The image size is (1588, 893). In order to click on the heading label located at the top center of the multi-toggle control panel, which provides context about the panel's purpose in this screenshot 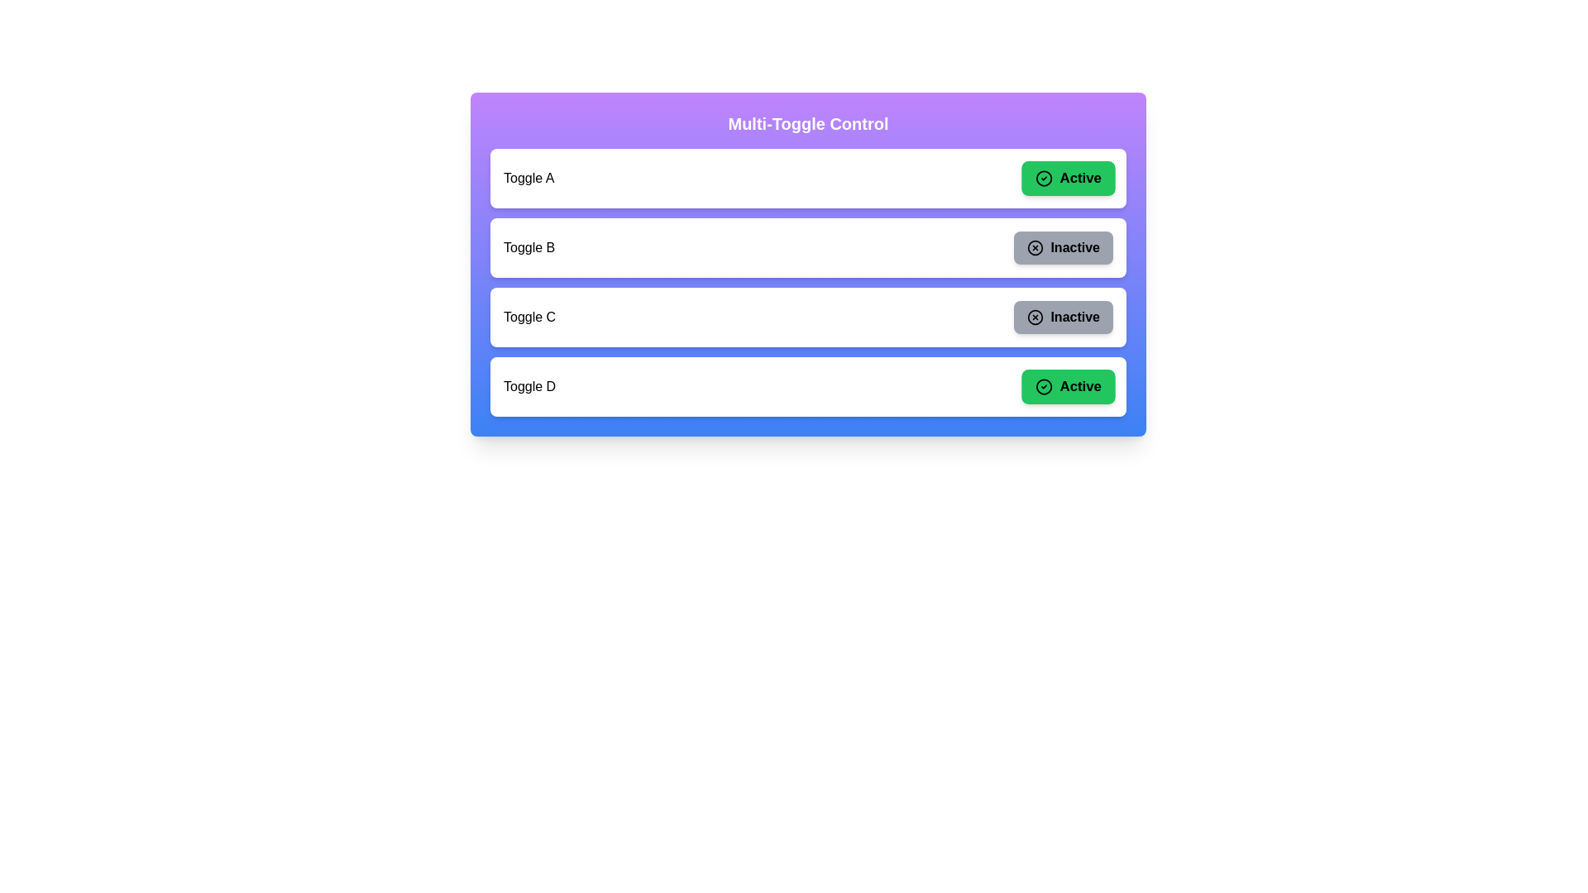, I will do `click(808, 123)`.